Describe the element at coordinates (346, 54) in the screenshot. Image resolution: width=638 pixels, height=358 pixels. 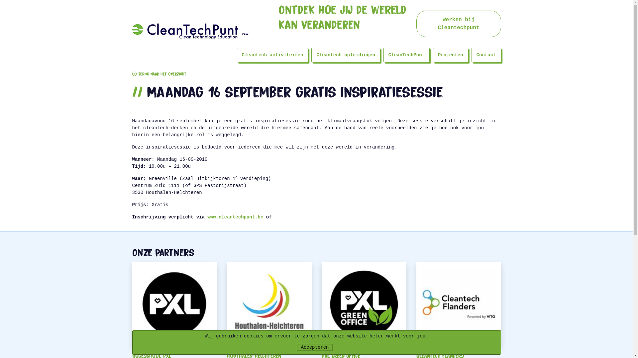
I see `'Cleantech-opleidingen'` at that location.